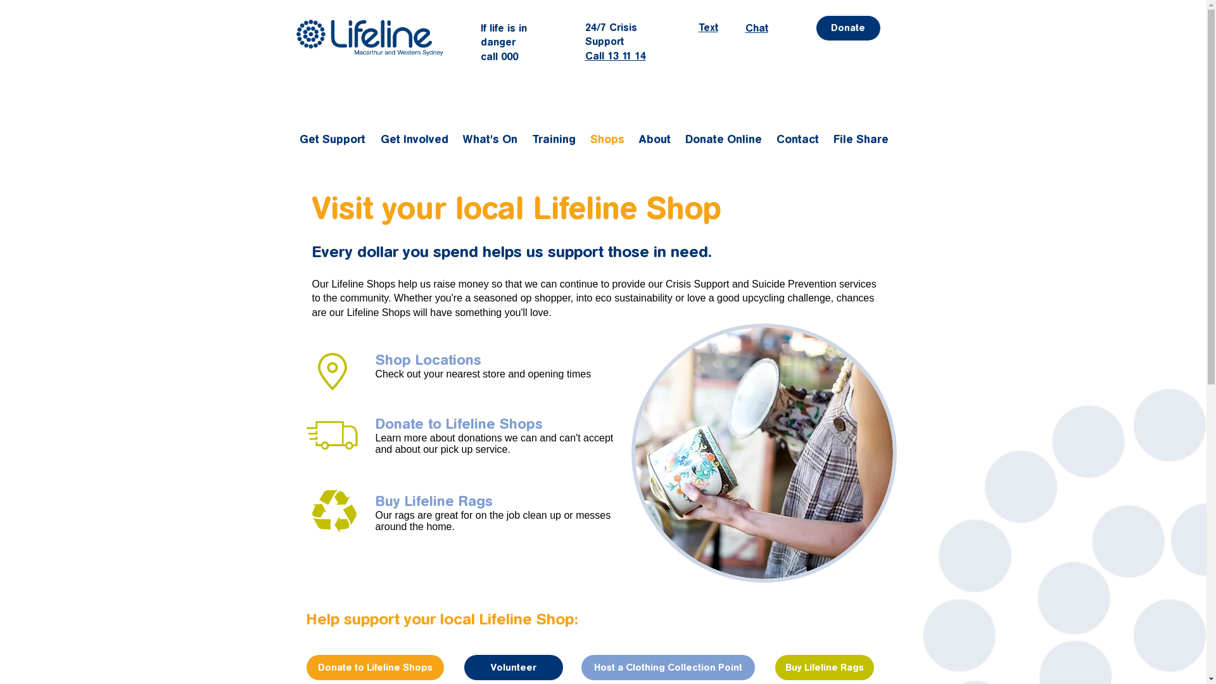 This screenshot has height=684, width=1216. I want to click on 'Text', so click(707, 27).